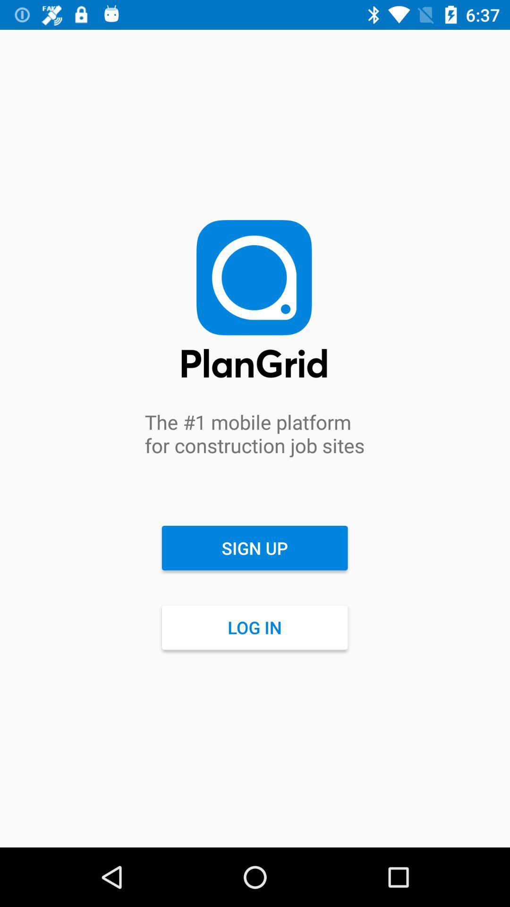 The image size is (510, 907). What do you see at coordinates (254, 627) in the screenshot?
I see `the log in icon` at bounding box center [254, 627].